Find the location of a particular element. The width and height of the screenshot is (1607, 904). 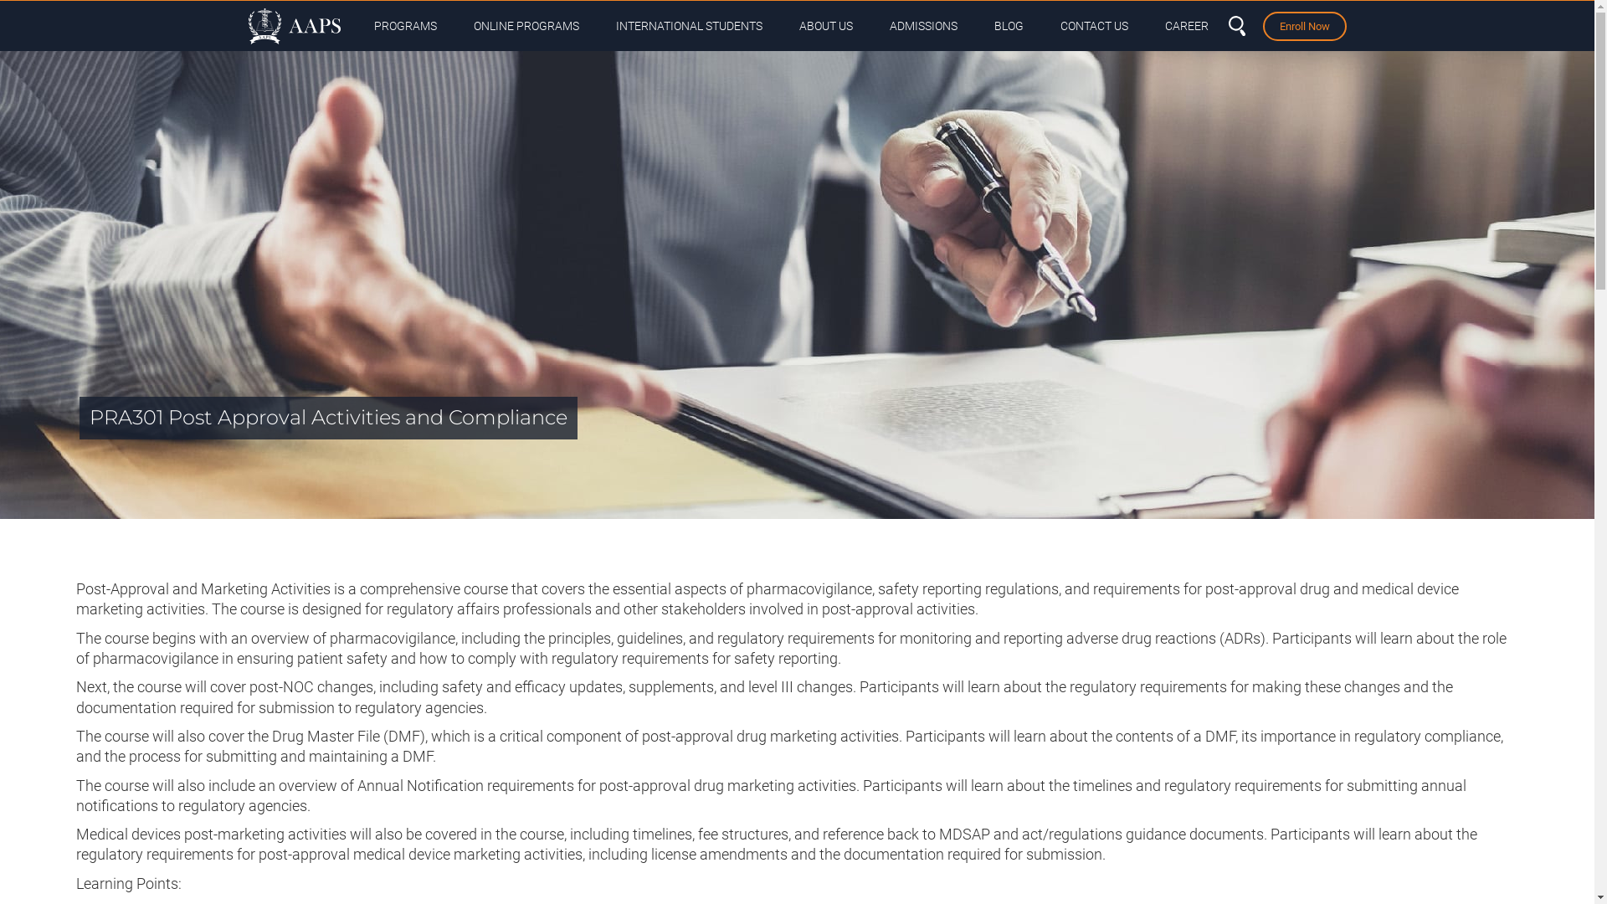

'Enroll Now' is located at coordinates (1303, 26).